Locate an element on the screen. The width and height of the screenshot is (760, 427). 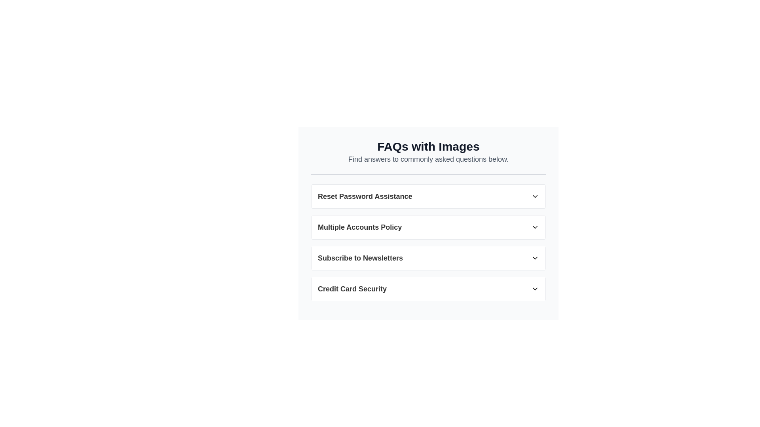
the downward-pointing chevron icon adjacent to the 'Subscribe to Newsletters' section is located at coordinates (535, 258).